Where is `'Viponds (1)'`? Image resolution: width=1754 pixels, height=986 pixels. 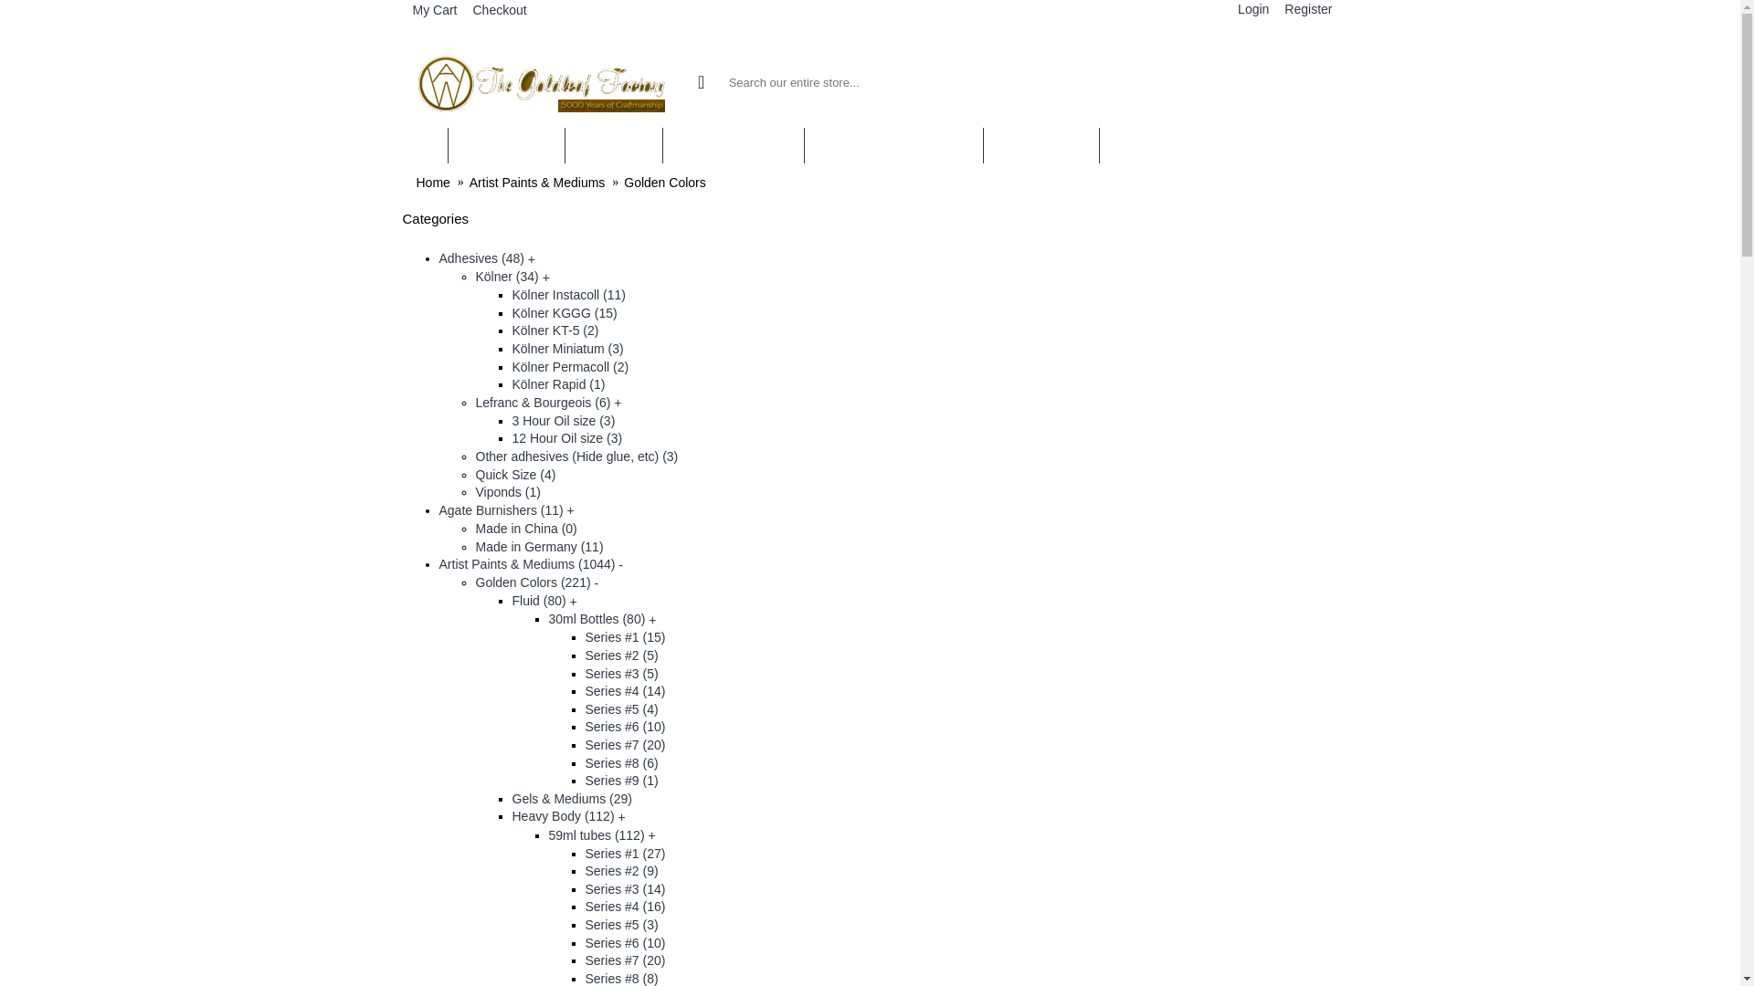 'Viponds (1)' is located at coordinates (474, 491).